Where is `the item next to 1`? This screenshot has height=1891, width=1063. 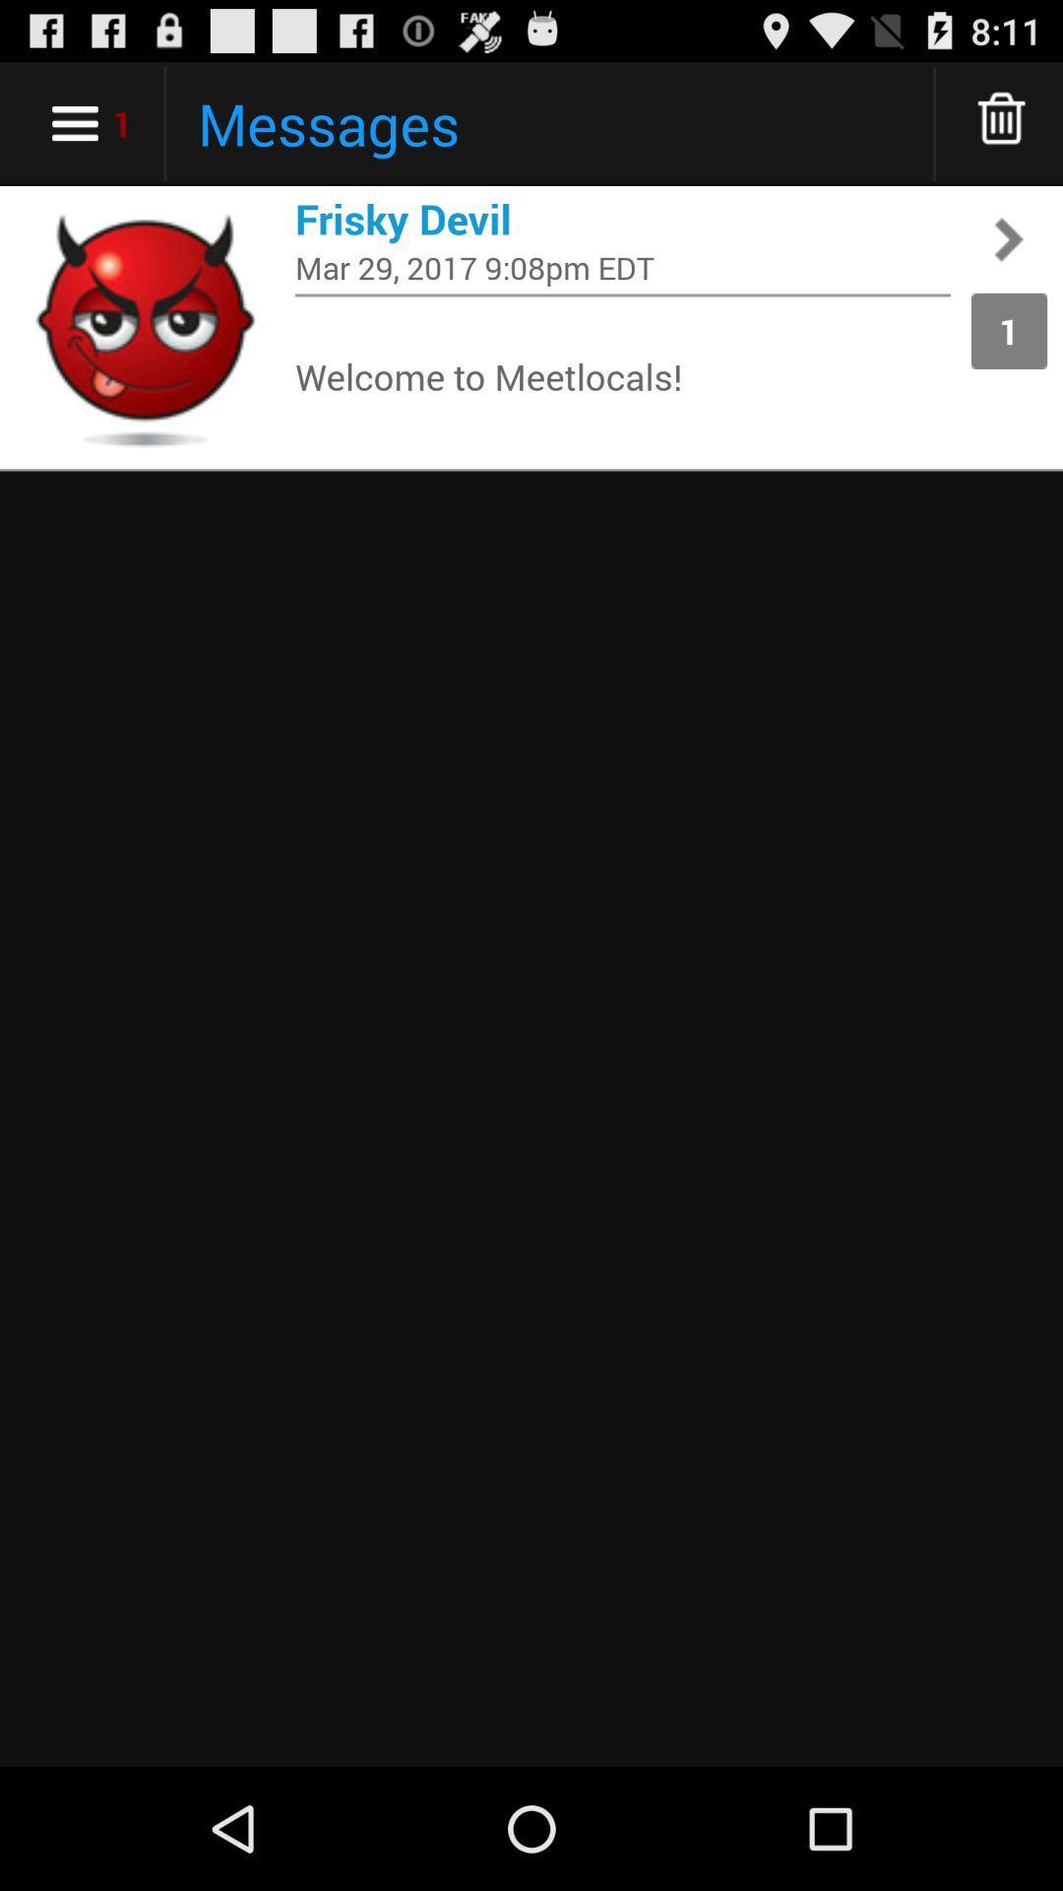 the item next to 1 is located at coordinates (622, 375).